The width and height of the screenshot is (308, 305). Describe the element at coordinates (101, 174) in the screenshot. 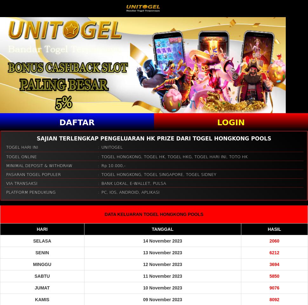

I see `'TOGEL HONGKONG, TOGEL SINGAPORE, TOGEL SIDNEY'` at that location.